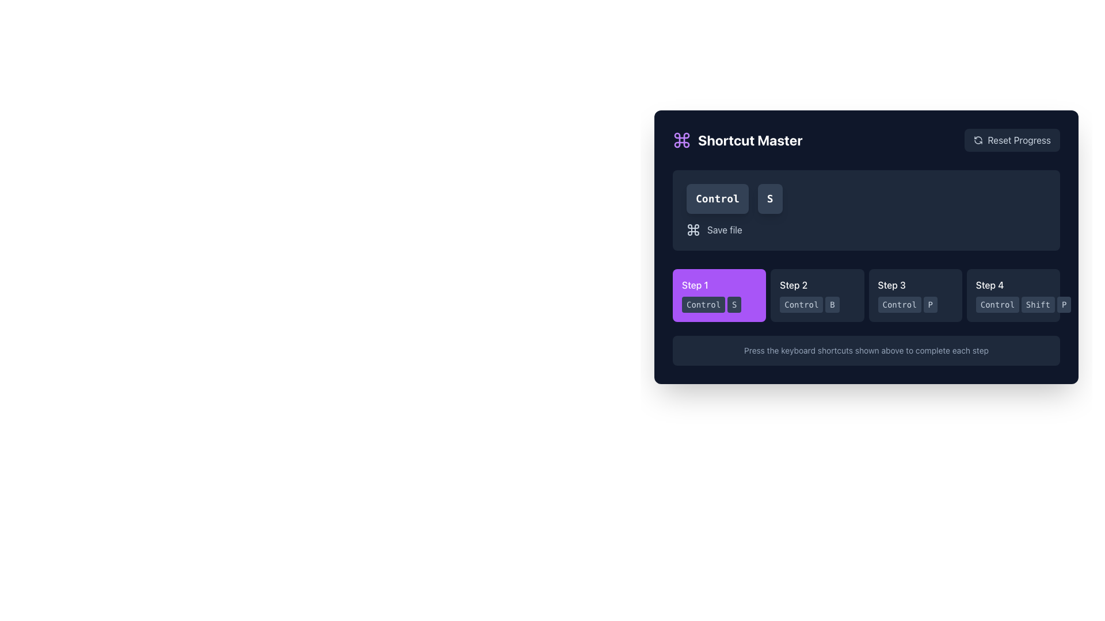 This screenshot has width=1105, height=621. I want to click on the Step indicator box labeled 'Step 1', which serves as a visual guide for the 'Control S' keyboard shortcut, so click(719, 294).